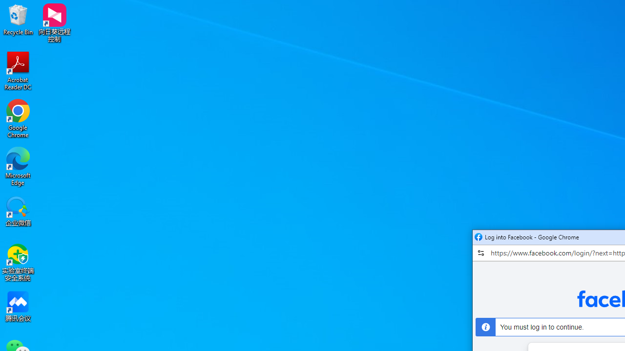  Describe the element at coordinates (18, 166) in the screenshot. I see `'Microsoft Edge'` at that location.